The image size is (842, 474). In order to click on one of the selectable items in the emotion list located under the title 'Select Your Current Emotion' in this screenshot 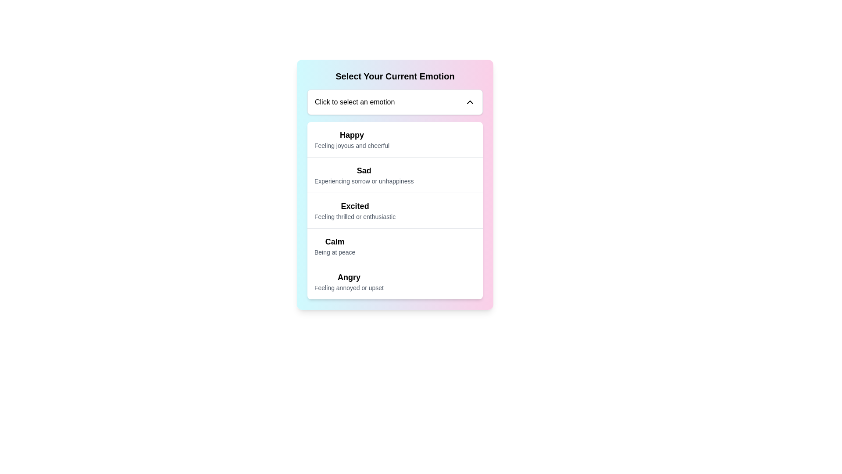, I will do `click(395, 210)`.